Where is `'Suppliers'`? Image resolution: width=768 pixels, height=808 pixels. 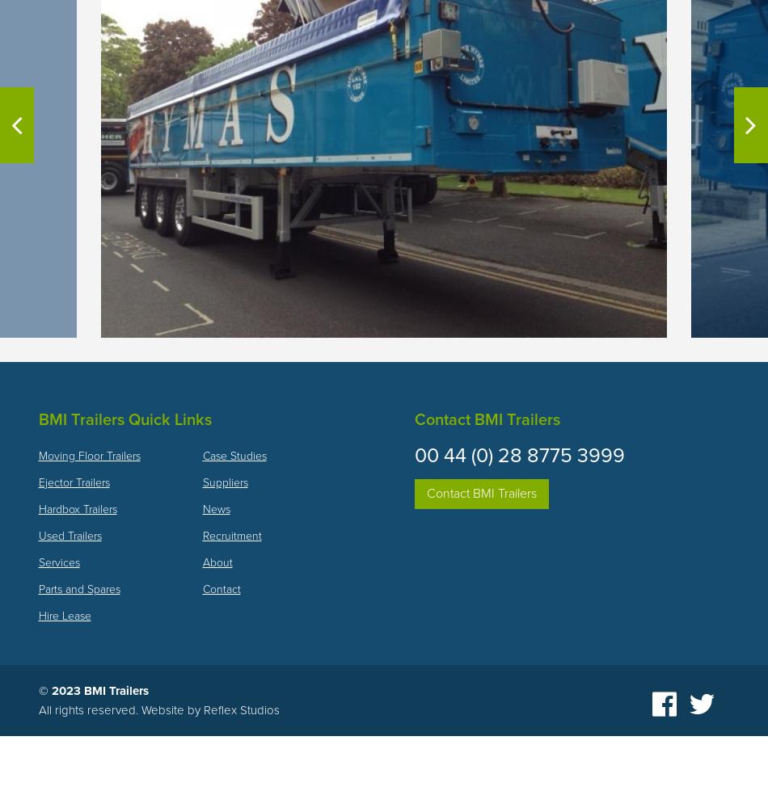 'Suppliers' is located at coordinates (223, 481).